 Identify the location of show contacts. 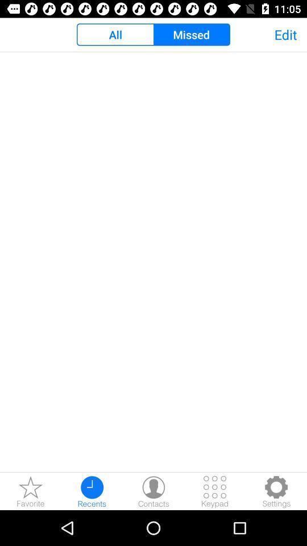
(153, 491).